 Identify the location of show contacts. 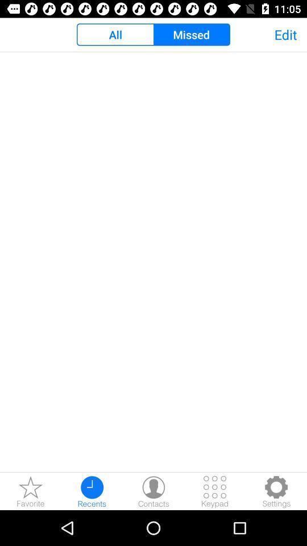
(153, 491).